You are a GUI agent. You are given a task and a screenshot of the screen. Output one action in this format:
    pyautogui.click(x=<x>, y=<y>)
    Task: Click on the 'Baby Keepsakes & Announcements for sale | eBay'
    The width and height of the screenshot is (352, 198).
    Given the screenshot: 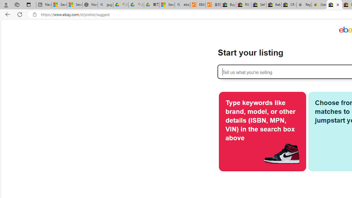 What is the action you would take?
    pyautogui.click(x=274, y=5)
    